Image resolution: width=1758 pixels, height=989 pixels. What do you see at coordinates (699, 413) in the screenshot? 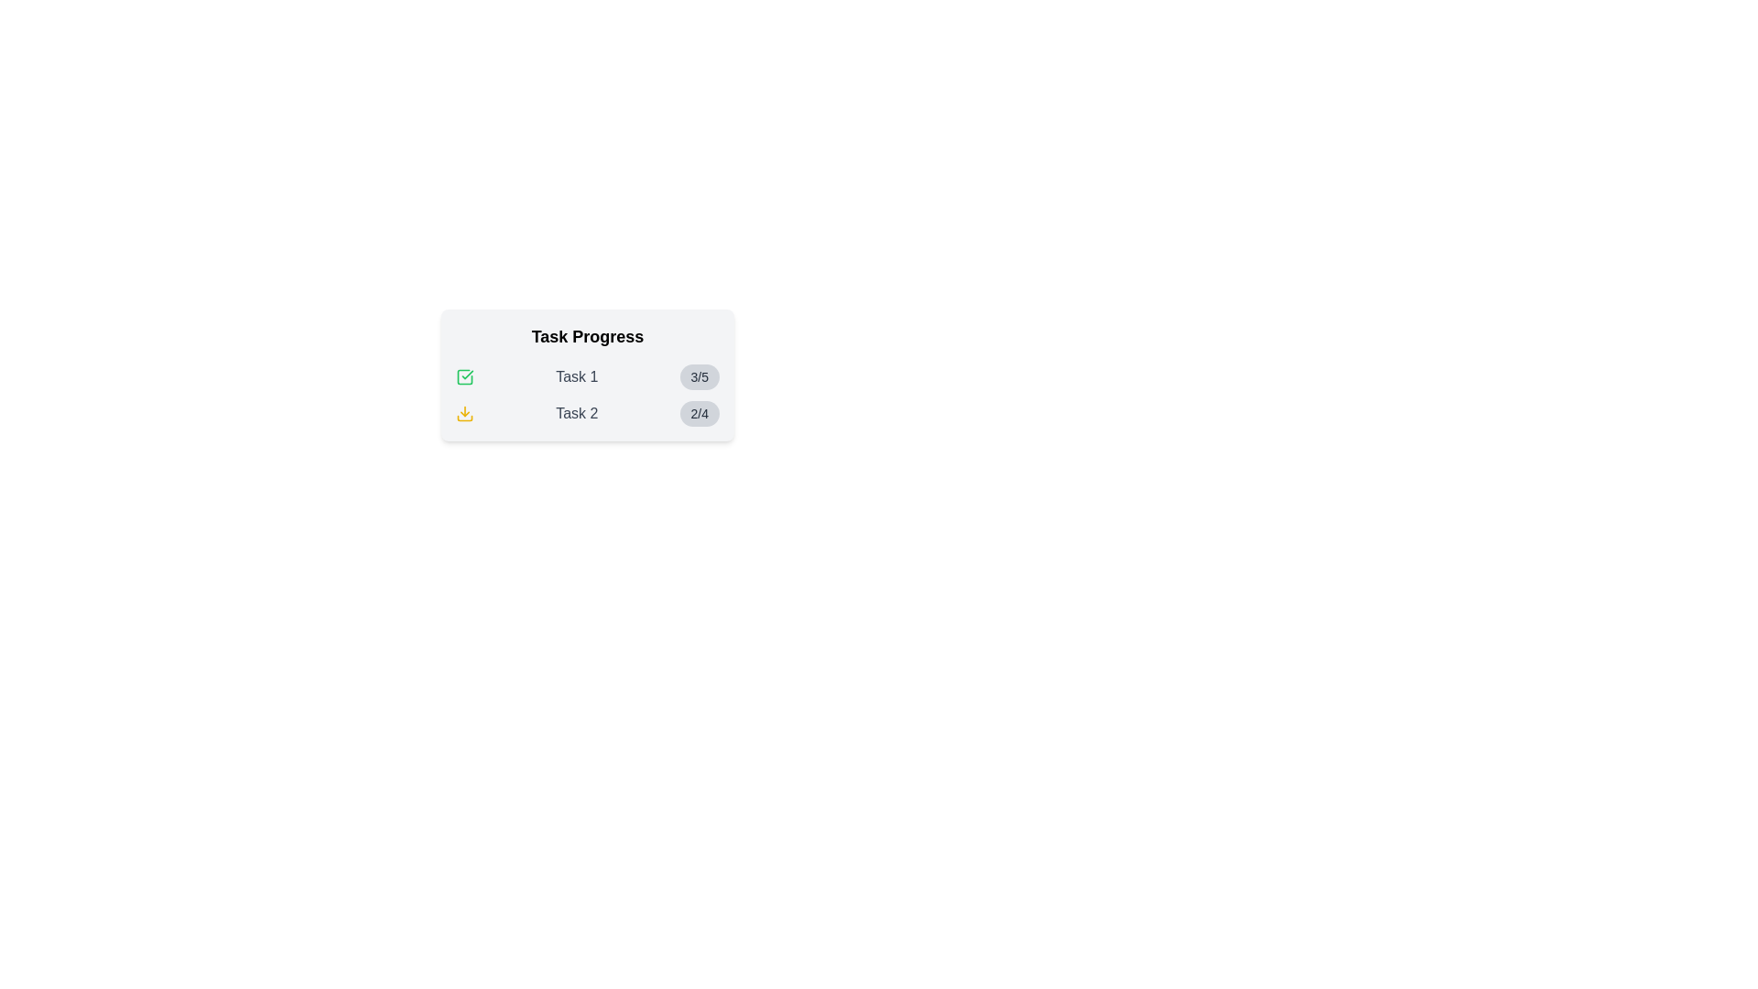
I see `the numeric progress indicator badge for 'Task 2', which displays the progress in a fraction format and is located at the right end of its row` at bounding box center [699, 413].